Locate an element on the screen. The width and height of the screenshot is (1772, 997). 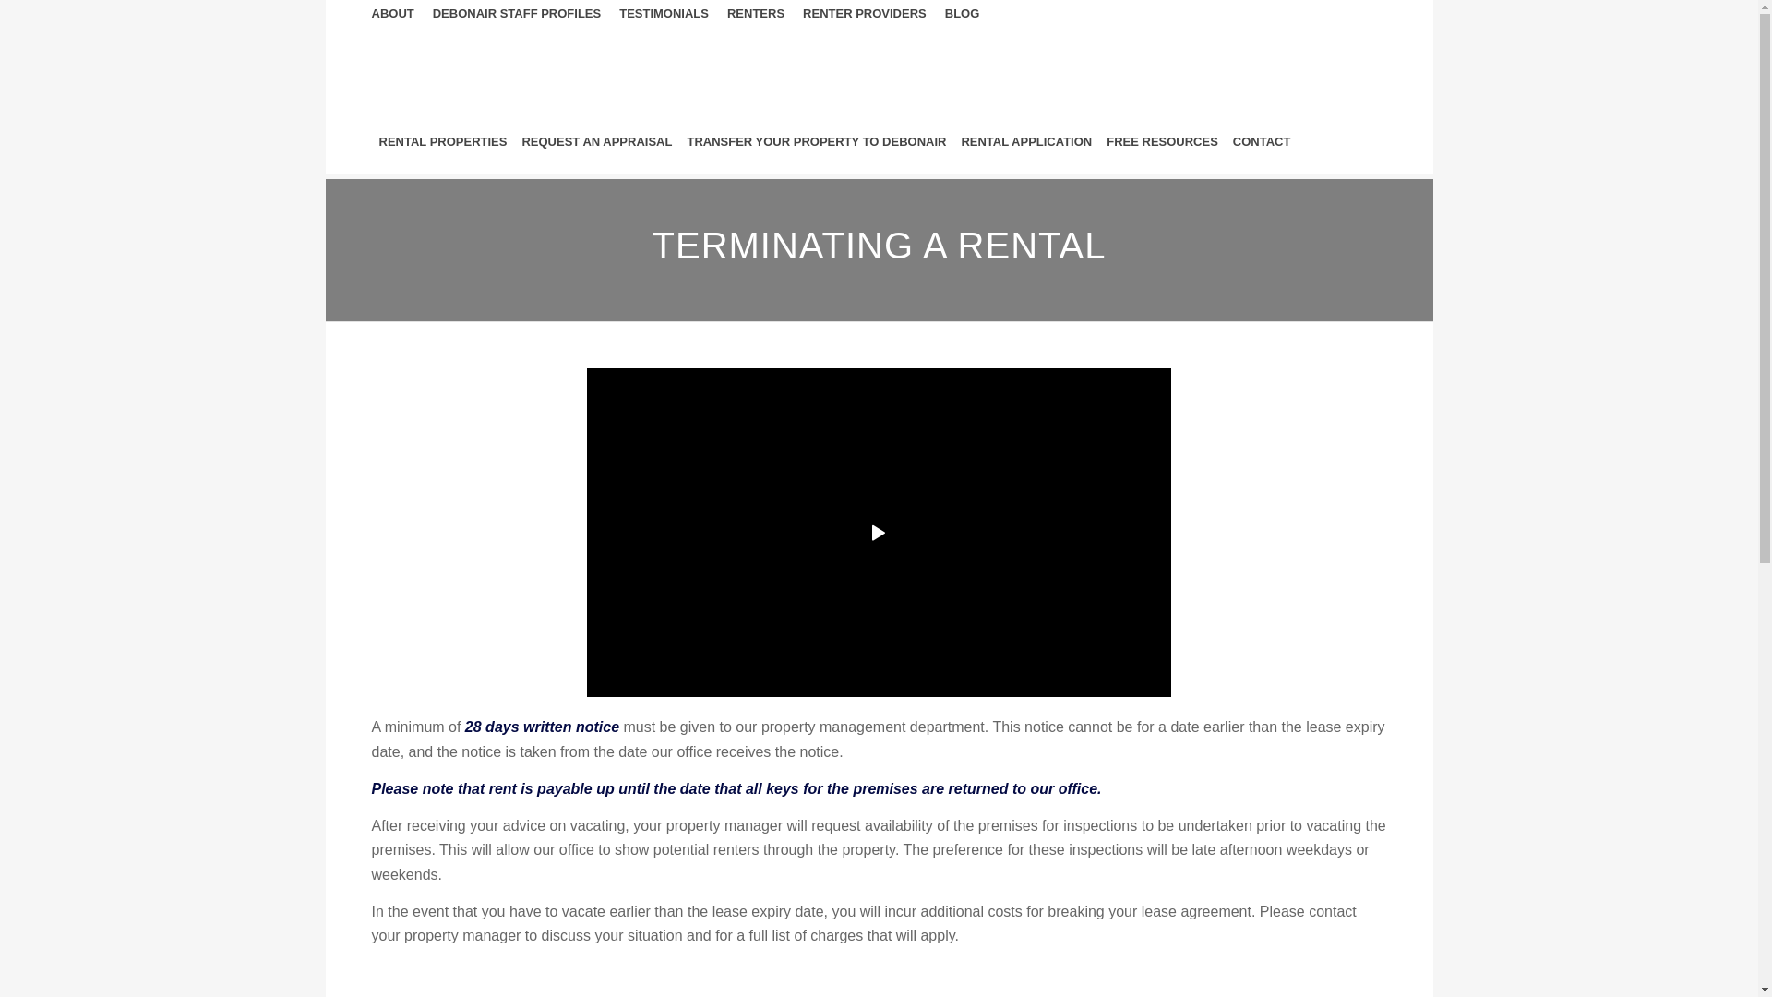
'CONTACT' is located at coordinates (1261, 141).